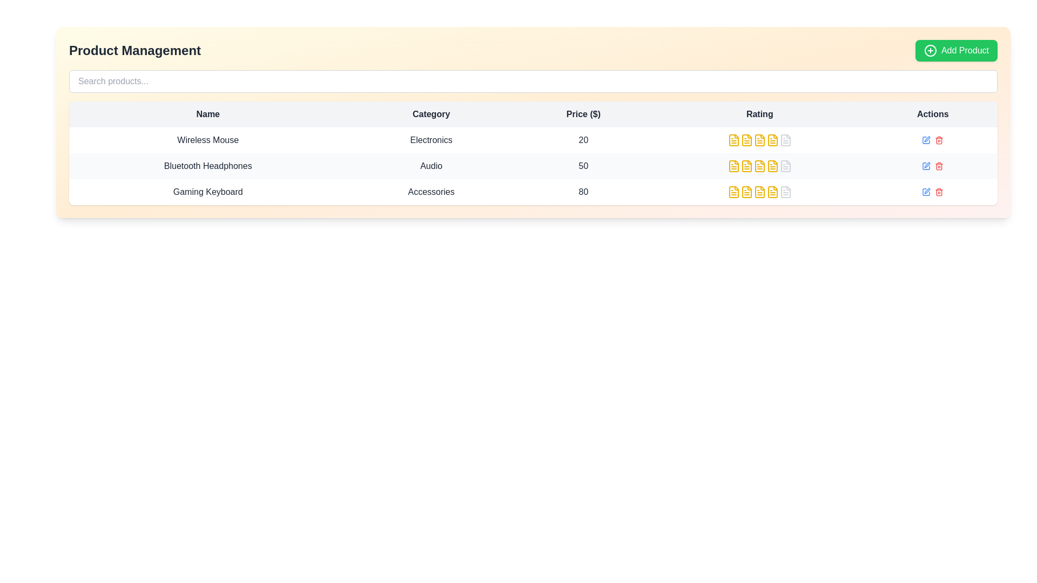  I want to click on the yellow document icon in the rating system, specifically the fourth icon in the last row of the table under the 'Product Management' header, so click(759, 191).